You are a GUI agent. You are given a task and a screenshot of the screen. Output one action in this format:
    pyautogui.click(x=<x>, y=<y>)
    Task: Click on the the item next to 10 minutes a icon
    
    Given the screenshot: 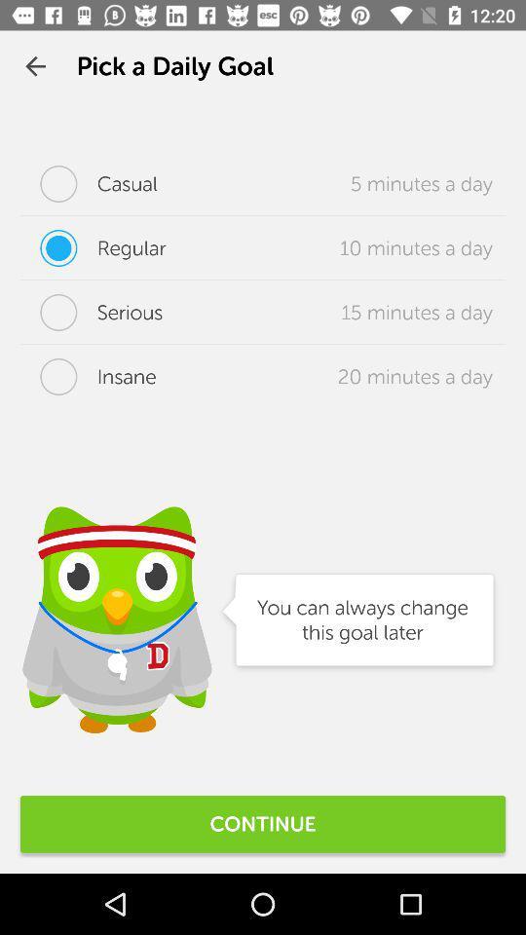 What is the action you would take?
    pyautogui.click(x=92, y=246)
    